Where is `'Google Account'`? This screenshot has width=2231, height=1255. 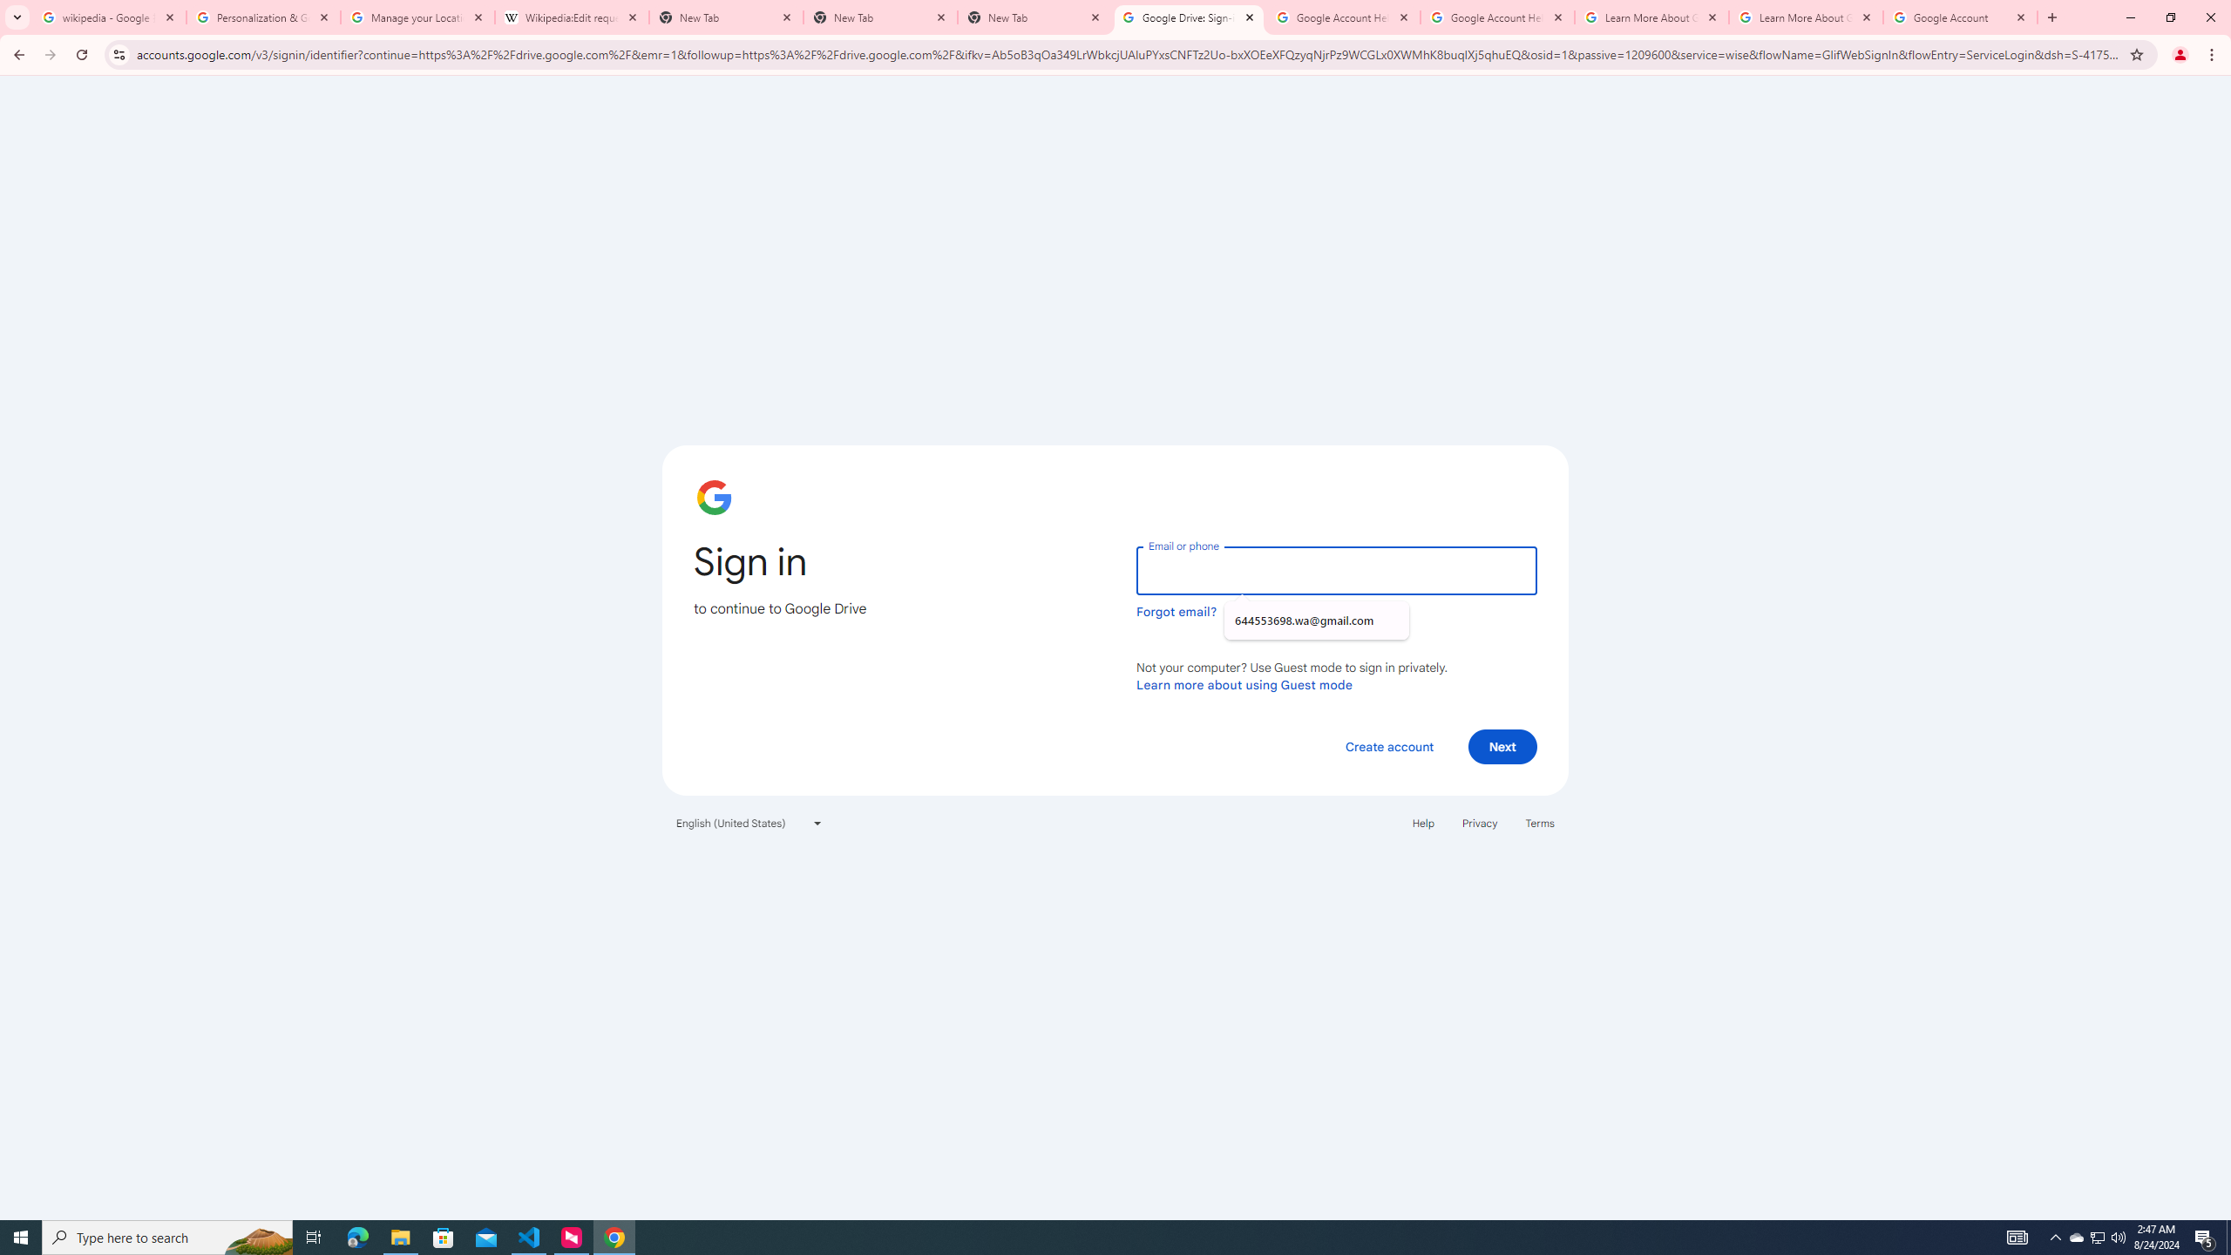 'Google Account' is located at coordinates (1961, 17).